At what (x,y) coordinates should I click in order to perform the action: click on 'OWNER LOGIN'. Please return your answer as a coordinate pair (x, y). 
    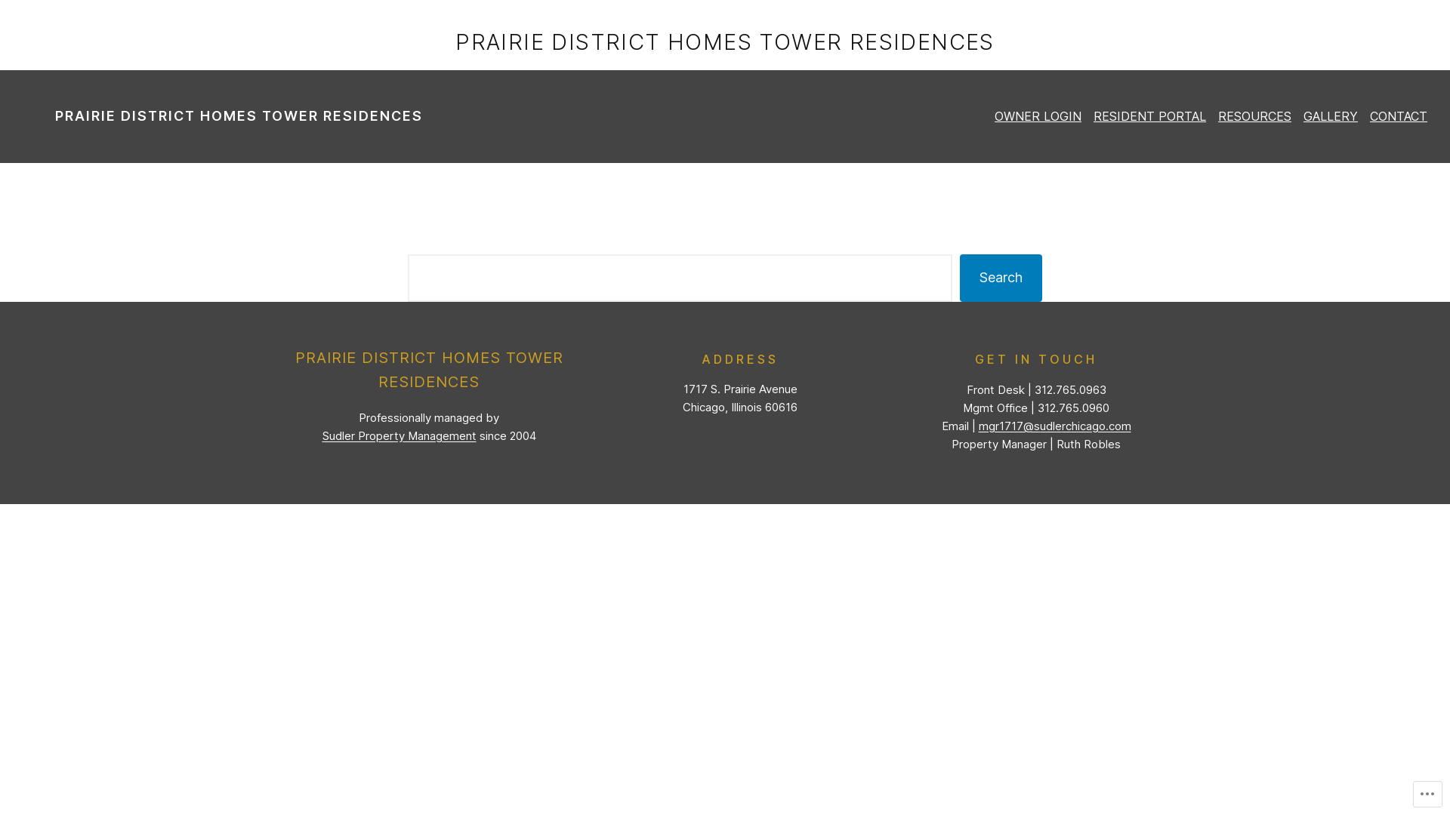
    Looking at the image, I should click on (1037, 115).